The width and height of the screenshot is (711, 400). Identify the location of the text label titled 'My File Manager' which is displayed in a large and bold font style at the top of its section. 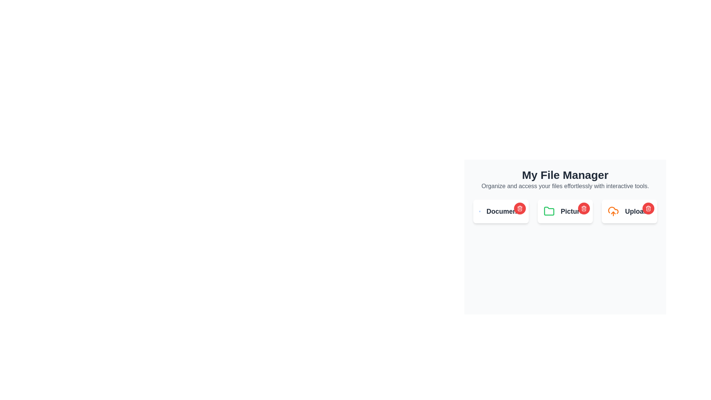
(565, 175).